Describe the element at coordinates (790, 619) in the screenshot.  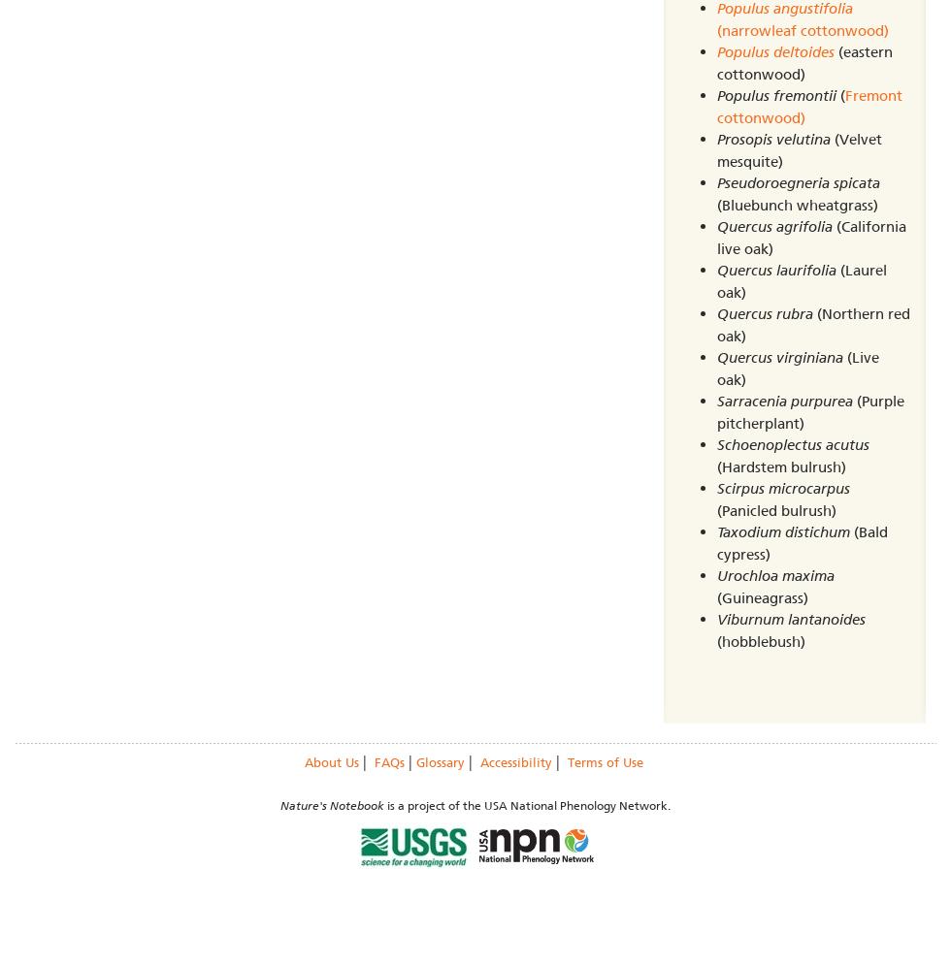
I see `'Viburnum lantanoides'` at that location.